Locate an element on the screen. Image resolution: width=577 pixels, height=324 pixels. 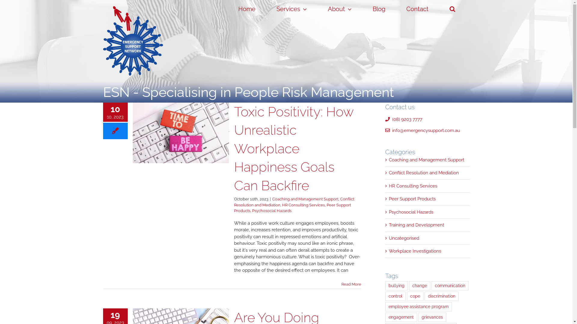
'grievances' is located at coordinates (432, 317).